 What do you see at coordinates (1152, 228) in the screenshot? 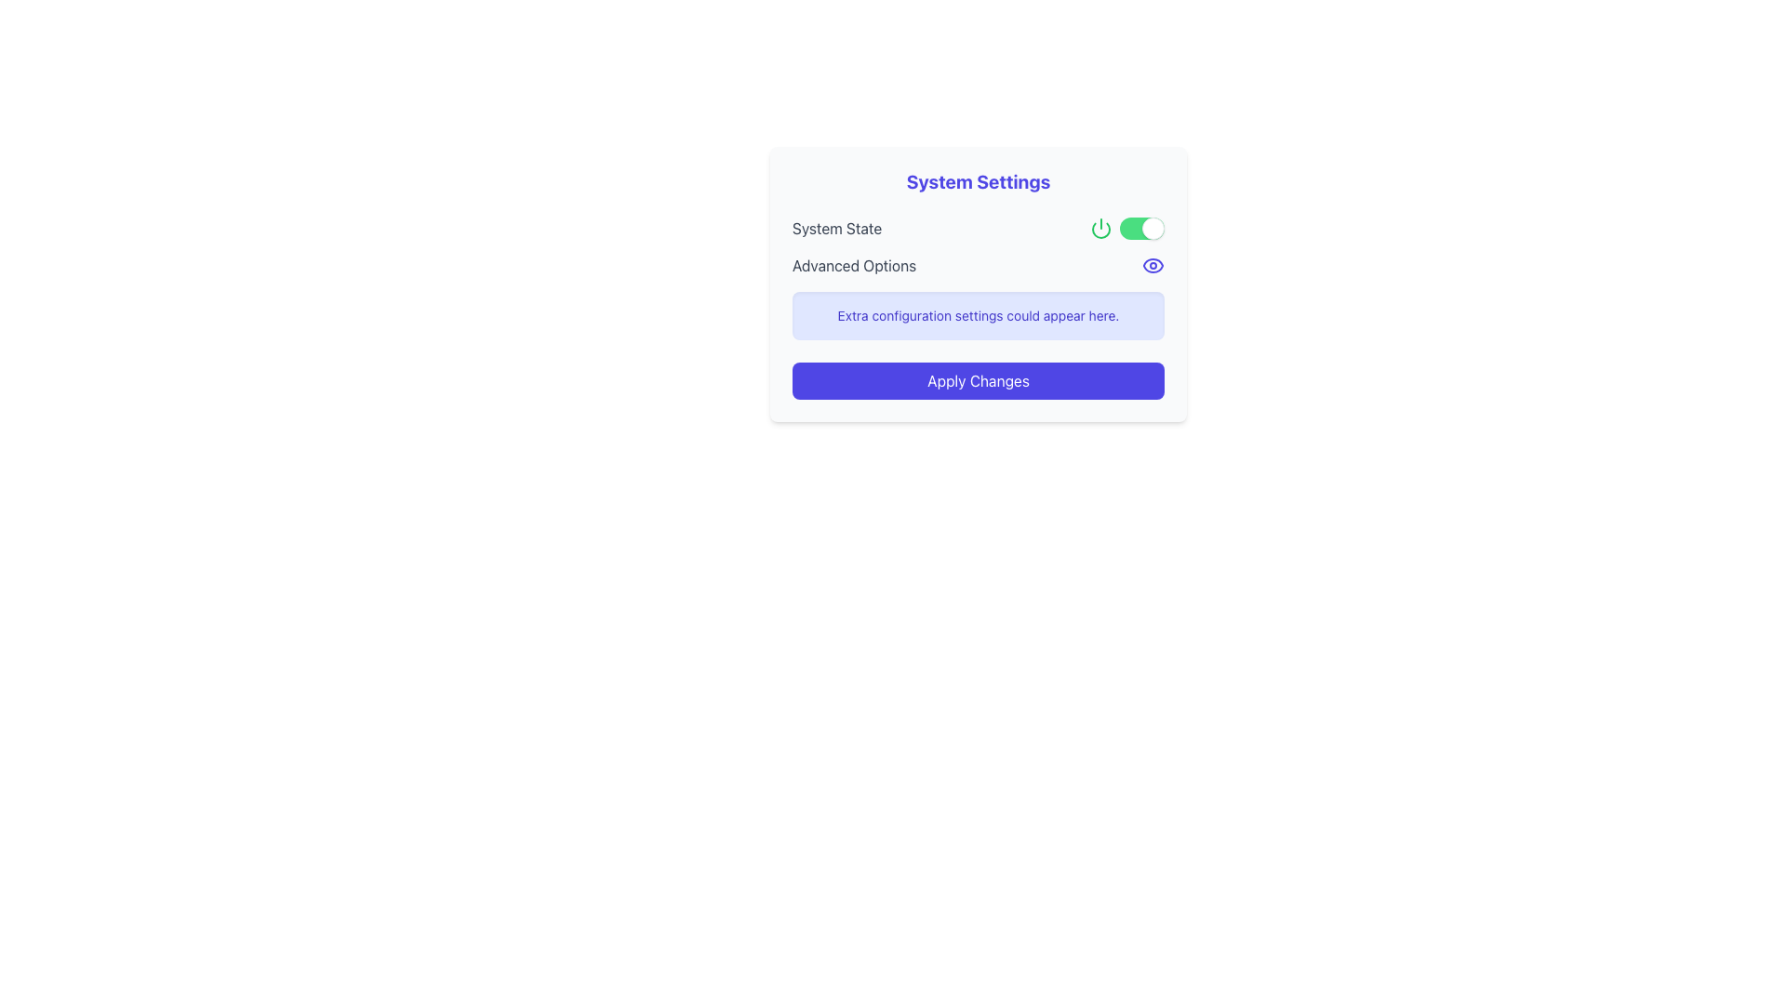
I see `the Toggle Handle indicating the 'on' position within the green toggle switch in the 'System State' section of the 'System Settings' panel` at bounding box center [1152, 228].